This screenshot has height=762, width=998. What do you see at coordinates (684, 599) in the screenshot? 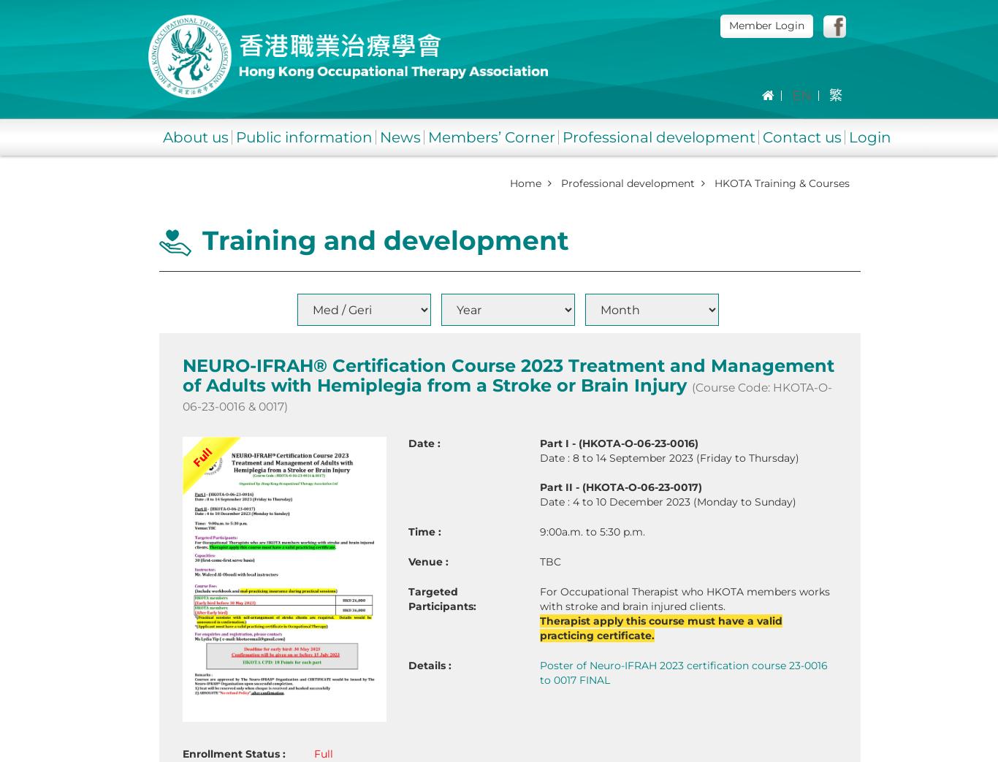
I see `'For Occupational Therapist who HKOTA members works with stroke and brain injured clients.'` at bounding box center [684, 599].